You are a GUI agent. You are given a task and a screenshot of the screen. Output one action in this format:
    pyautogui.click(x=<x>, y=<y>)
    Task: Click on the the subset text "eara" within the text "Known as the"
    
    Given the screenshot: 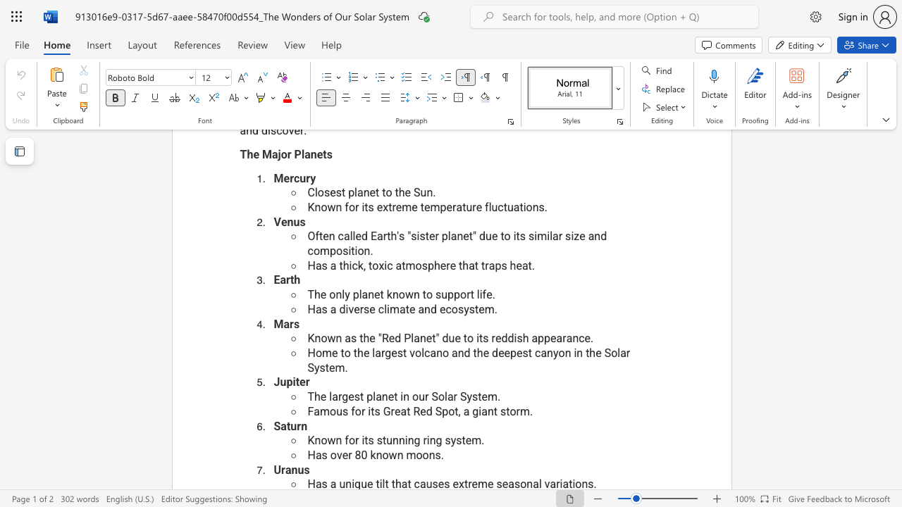 What is the action you would take?
    pyautogui.click(x=550, y=338)
    